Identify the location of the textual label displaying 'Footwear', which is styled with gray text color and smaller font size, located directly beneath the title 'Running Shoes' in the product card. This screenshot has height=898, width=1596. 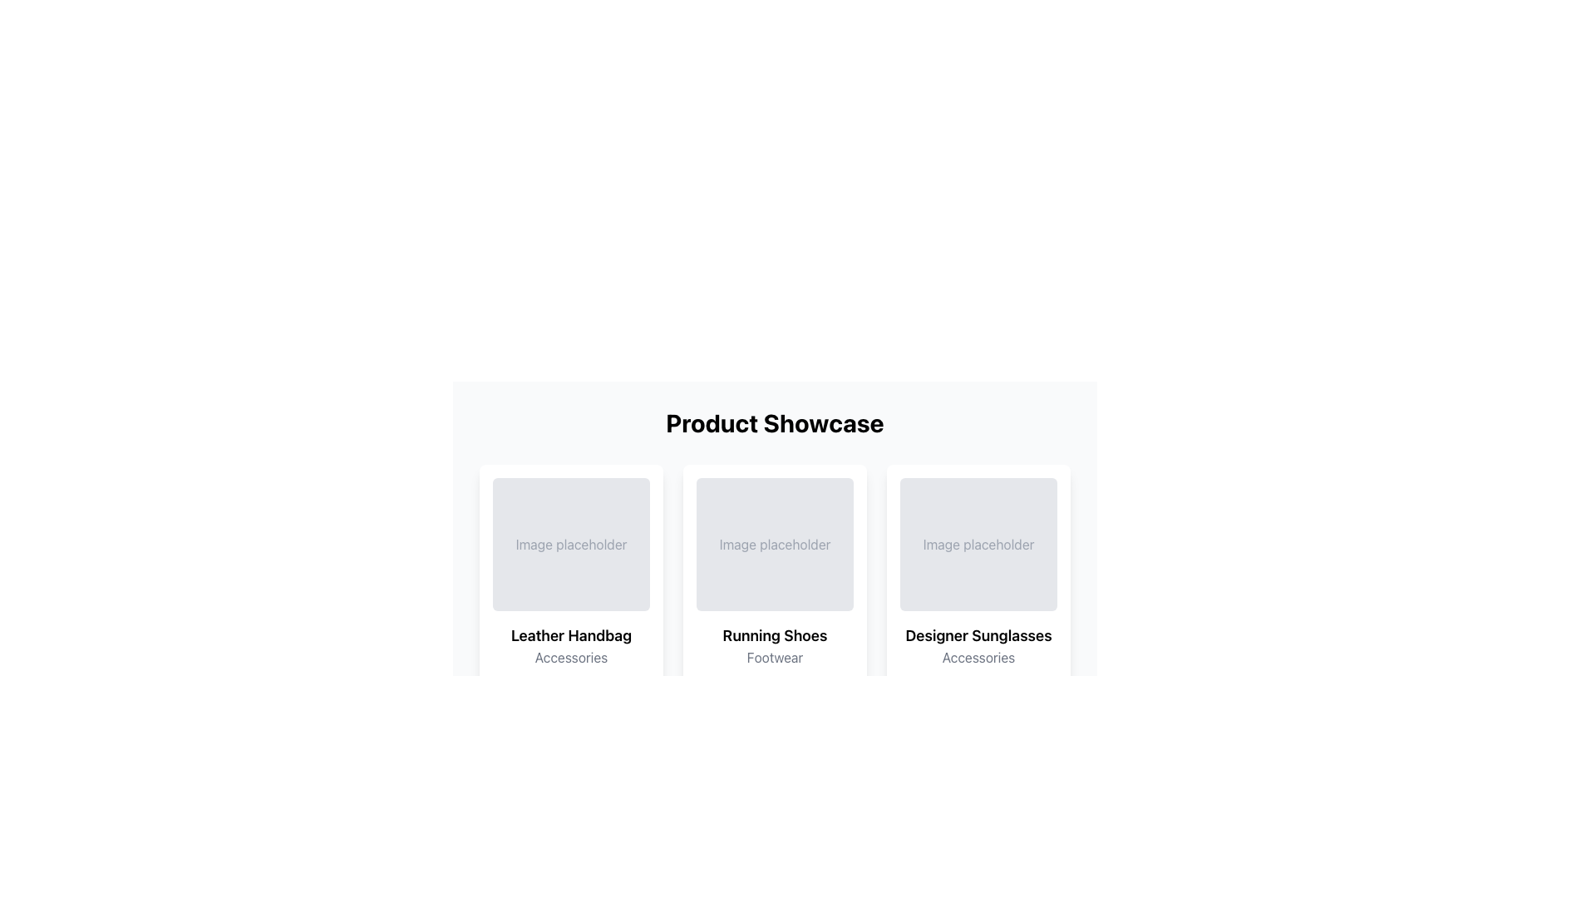
(774, 656).